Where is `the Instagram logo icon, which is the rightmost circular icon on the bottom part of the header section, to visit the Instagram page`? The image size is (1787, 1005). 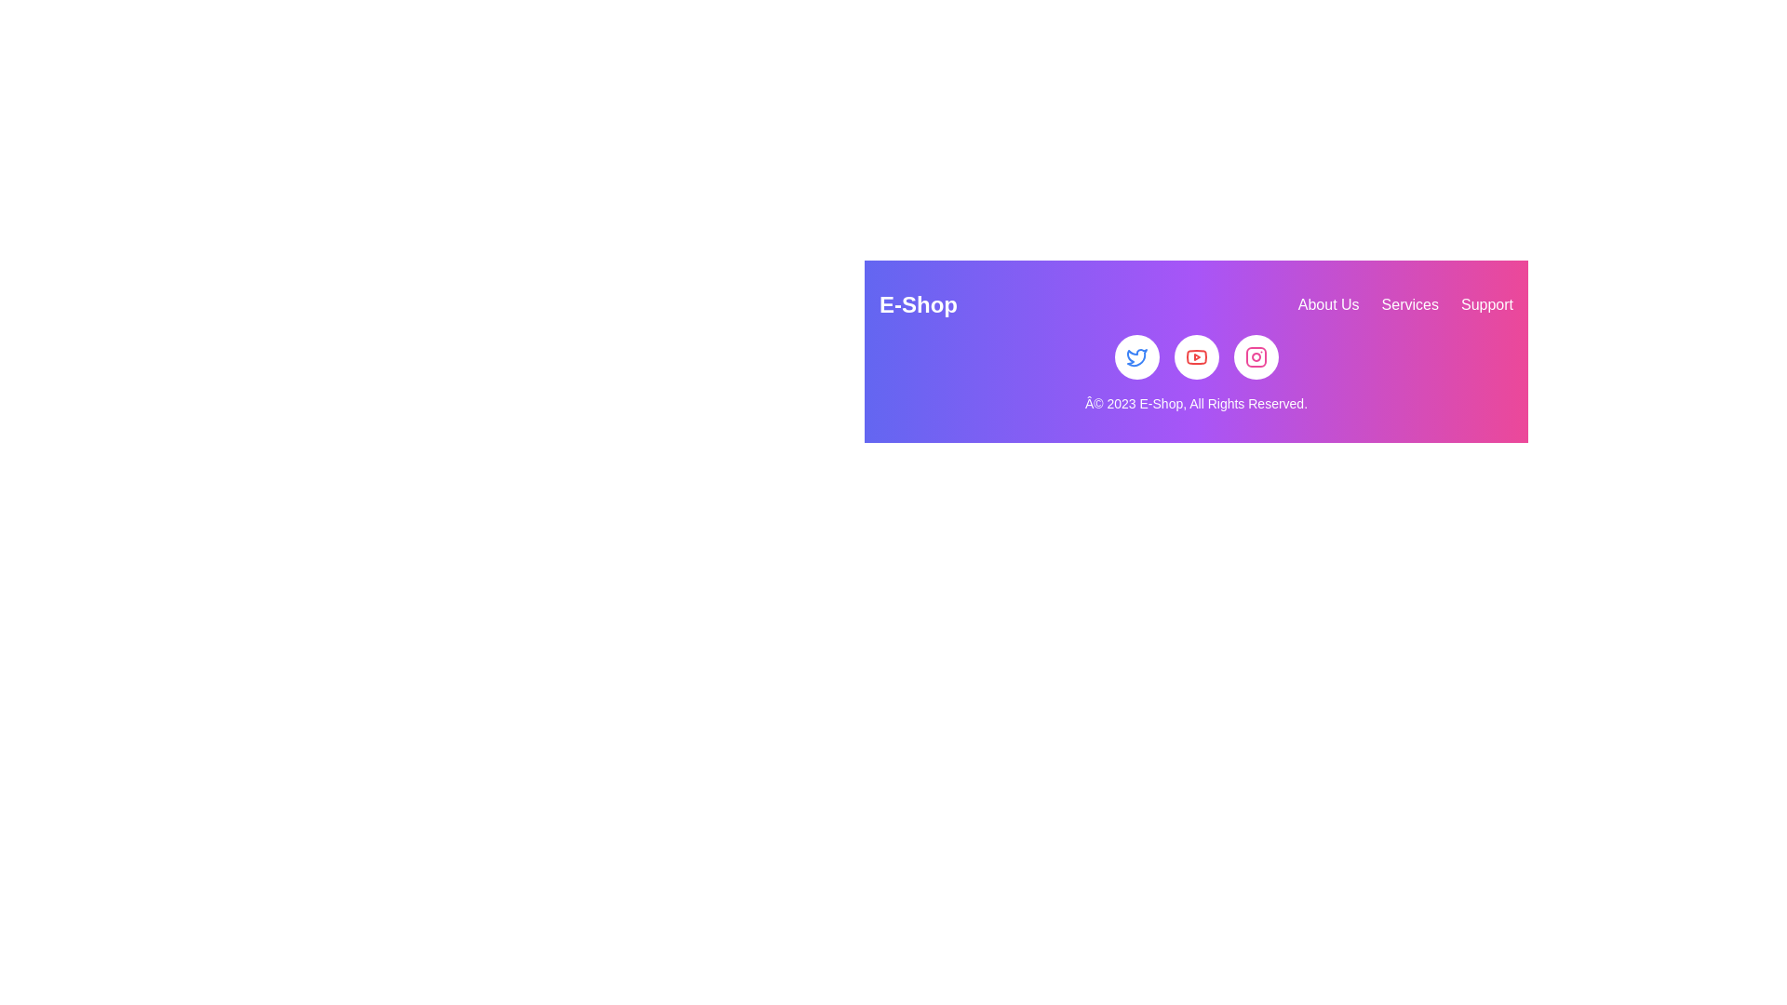
the Instagram logo icon, which is the rightmost circular icon on the bottom part of the header section, to visit the Instagram page is located at coordinates (1256, 357).